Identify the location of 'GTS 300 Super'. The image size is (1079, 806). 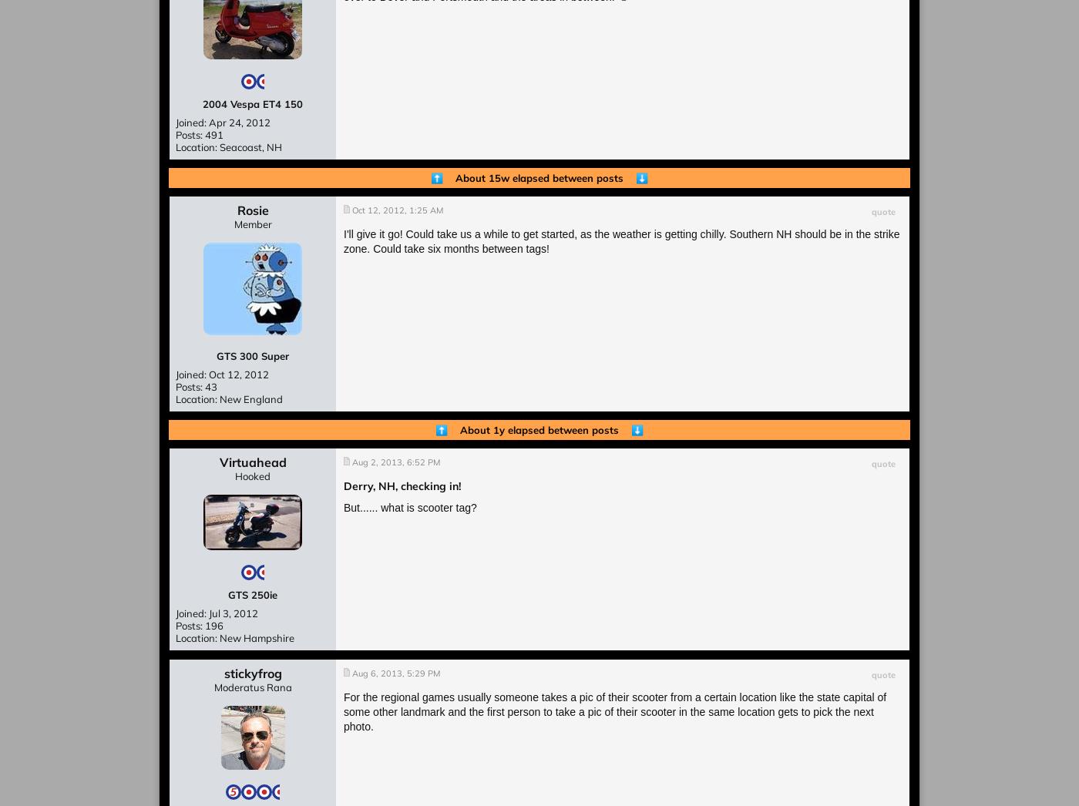
(253, 355).